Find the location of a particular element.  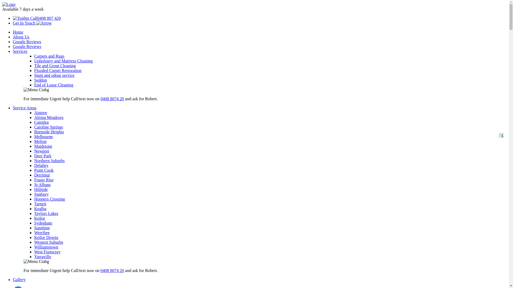

'Taylors Lakes' is located at coordinates (46, 213).